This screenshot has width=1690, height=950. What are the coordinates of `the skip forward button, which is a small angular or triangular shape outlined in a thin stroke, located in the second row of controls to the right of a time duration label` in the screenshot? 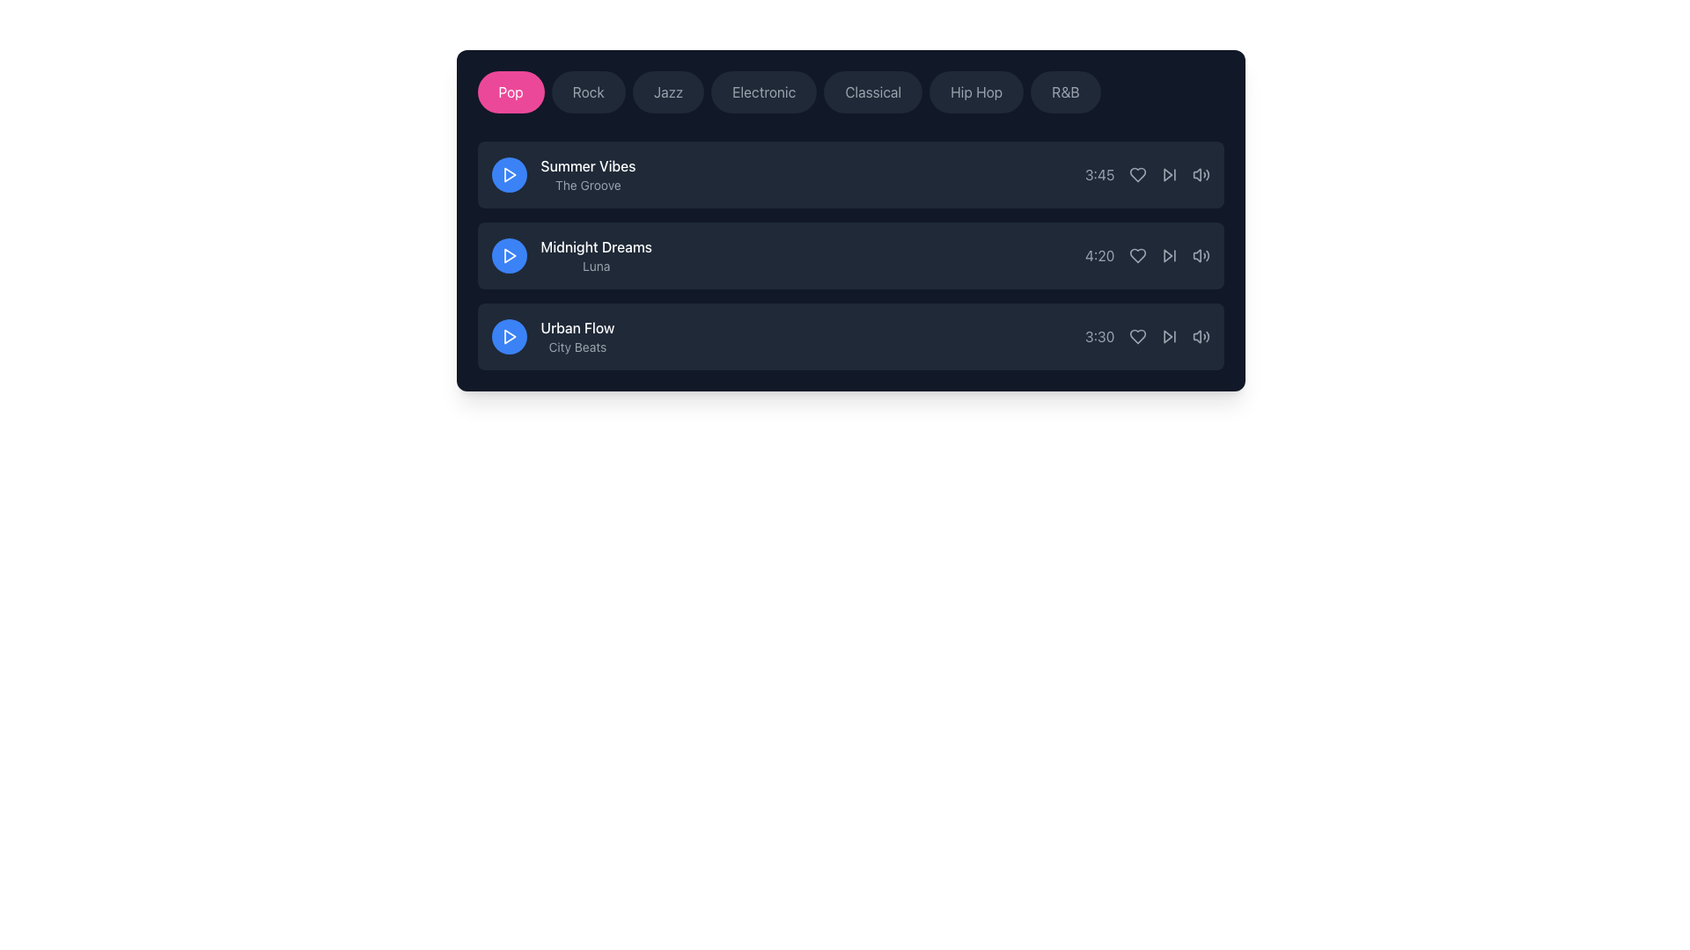 It's located at (1167, 175).